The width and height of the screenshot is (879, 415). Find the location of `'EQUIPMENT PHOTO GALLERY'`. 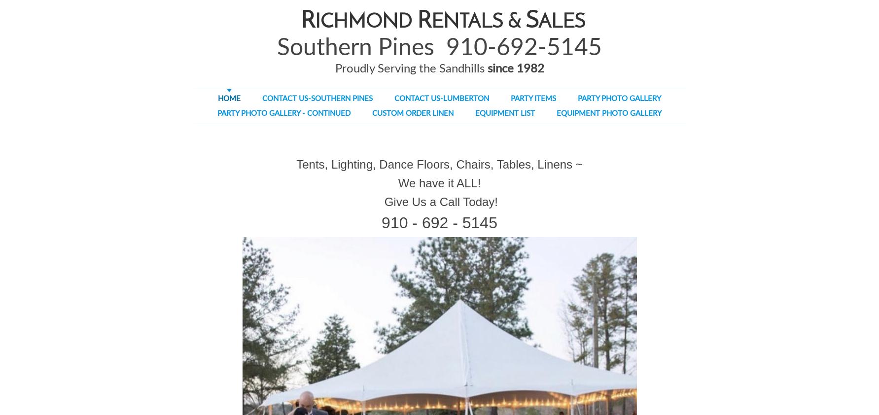

'EQUIPMENT PHOTO GALLERY' is located at coordinates (609, 113).